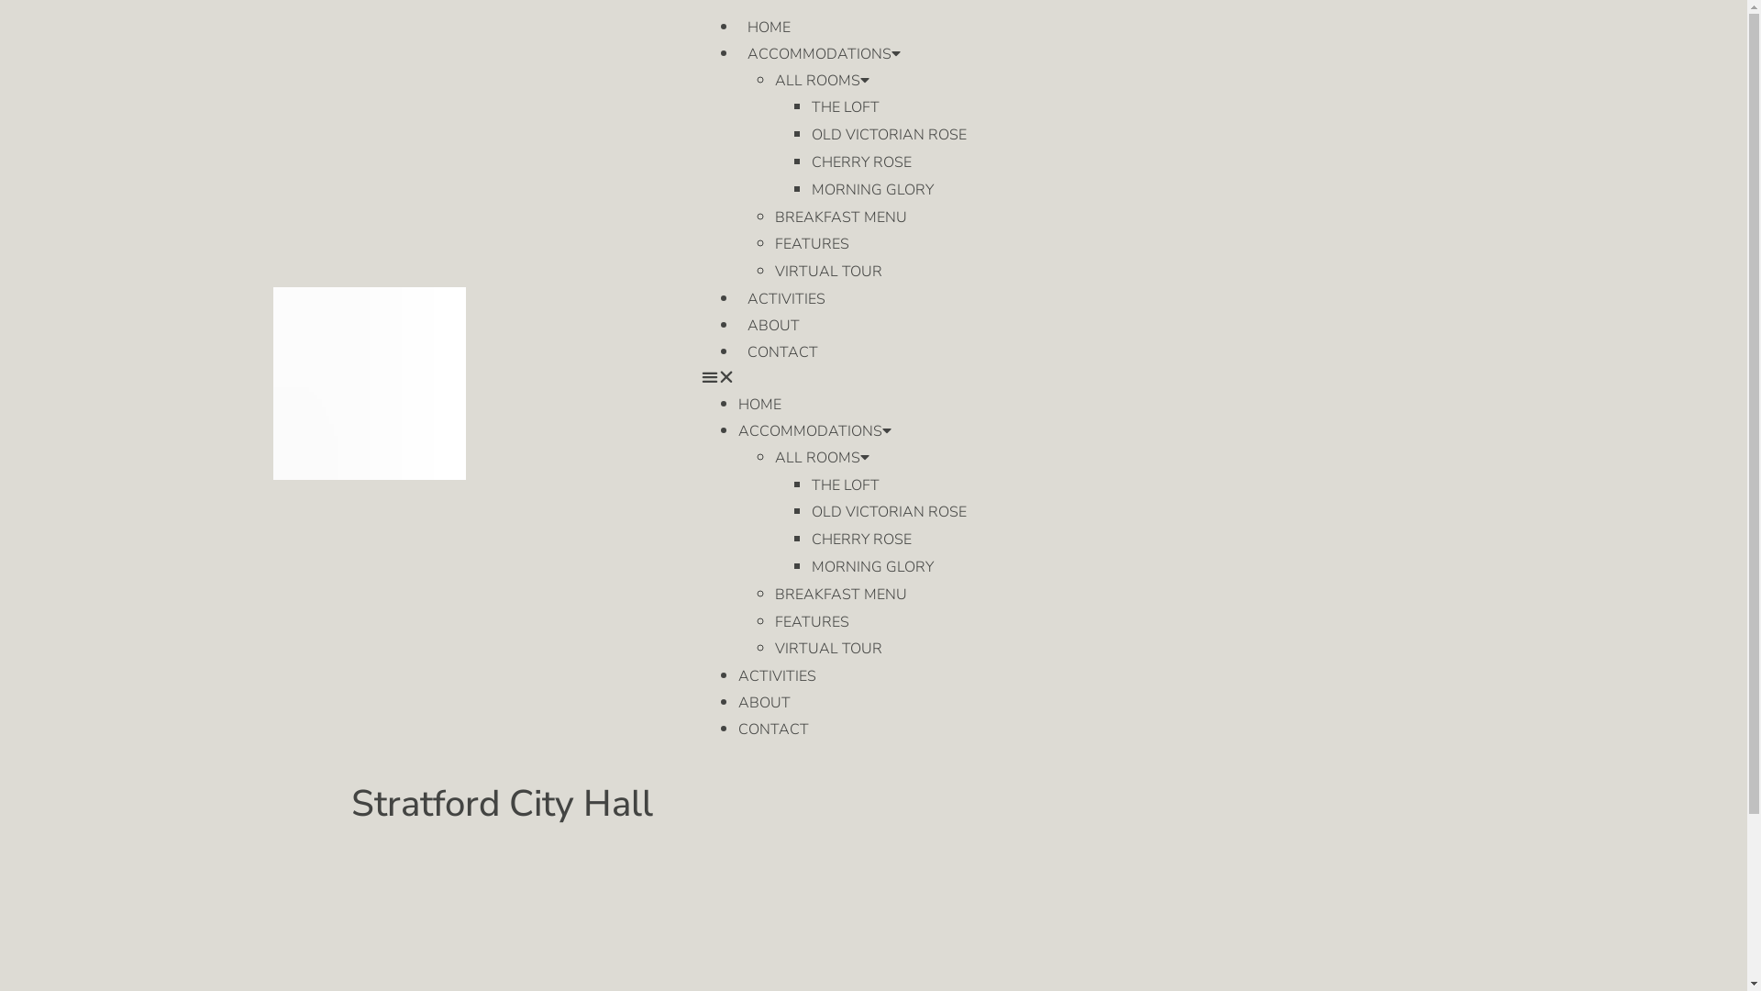 Image resolution: width=1761 pixels, height=991 pixels. What do you see at coordinates (811, 243) in the screenshot?
I see `'FEATURES'` at bounding box center [811, 243].